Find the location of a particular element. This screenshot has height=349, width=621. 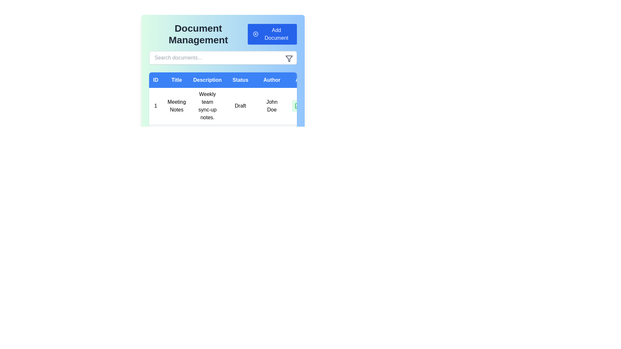

the static text element in the first row of the table under the 'Status' column, which indicates the document is in a draft state is located at coordinates (235, 105).